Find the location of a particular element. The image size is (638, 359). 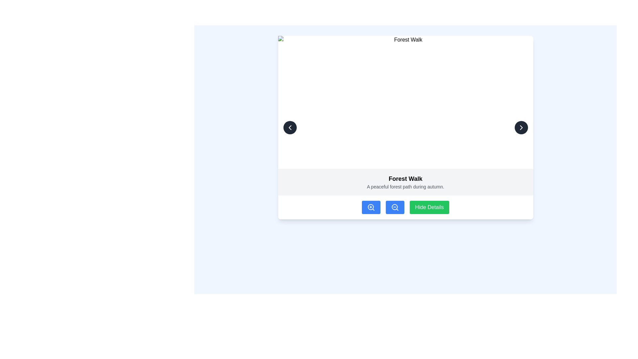

the 'Hide Details' button, which is a green button with white text located at the lower section of the interface, to the right of two blue buttons is located at coordinates (405, 207).